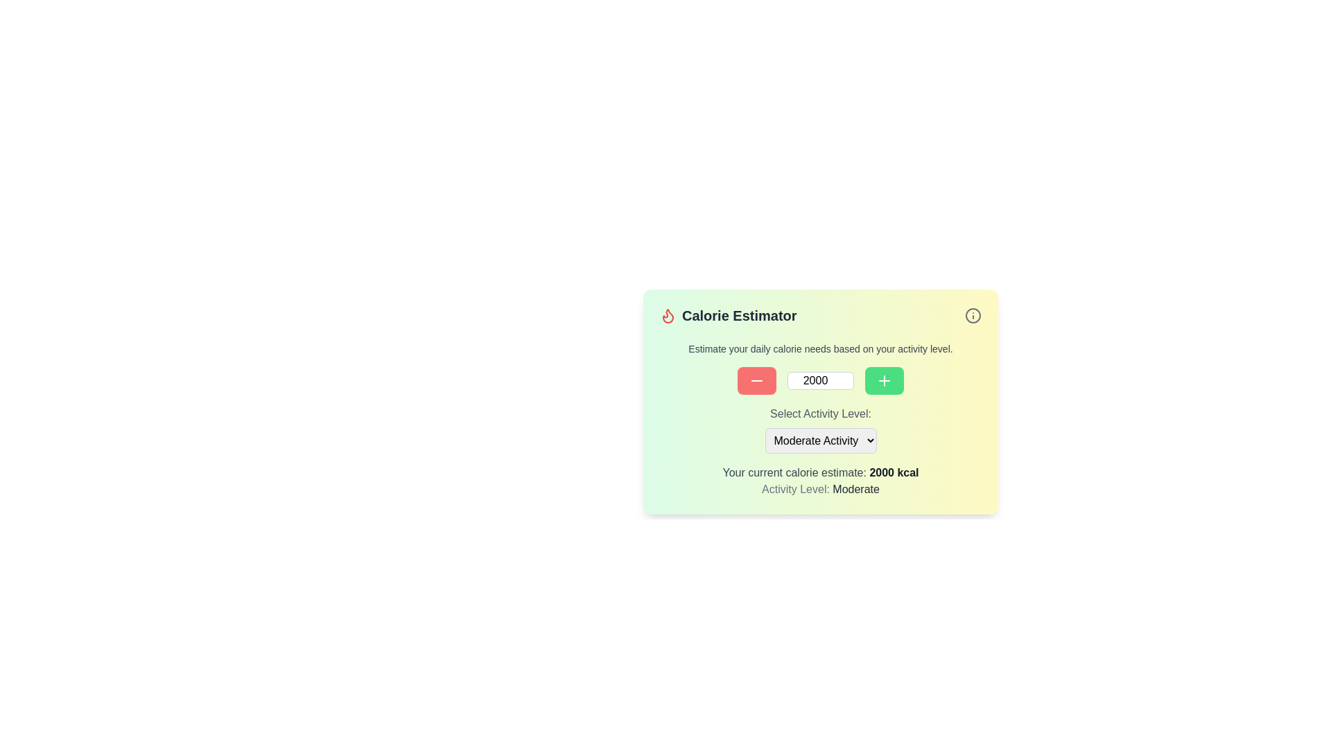 This screenshot has width=1331, height=748. Describe the element at coordinates (668, 316) in the screenshot. I see `the flame-shaped icon filled with a monochromatic color scheme located in the header area of the 'Calorie Estimator' card layout` at that location.